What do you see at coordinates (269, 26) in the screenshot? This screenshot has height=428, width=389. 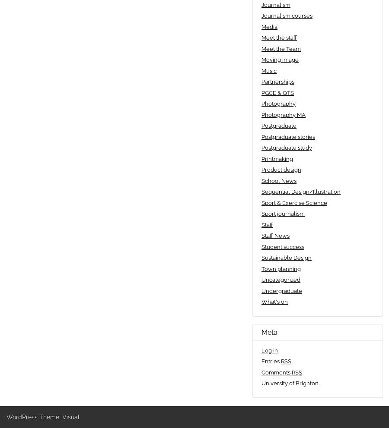 I see `'Media'` at bounding box center [269, 26].